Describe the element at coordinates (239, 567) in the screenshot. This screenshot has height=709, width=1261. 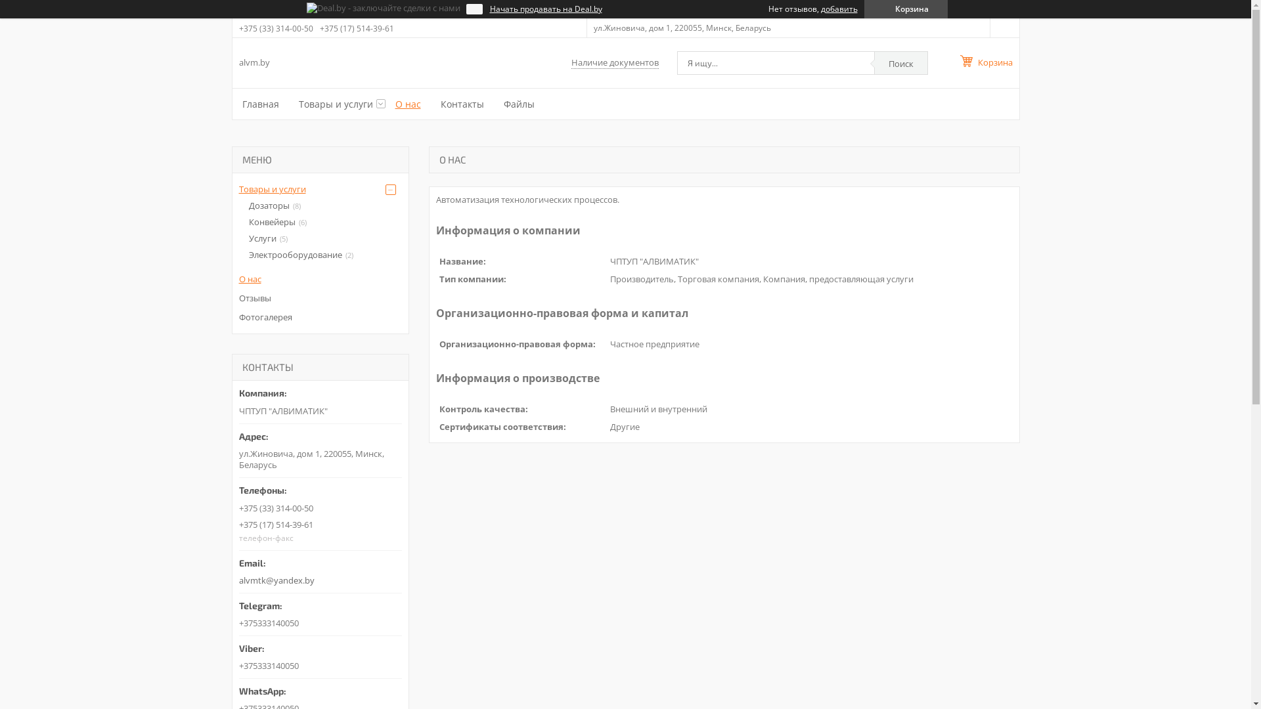
I see `'alvmtk@yandex.by'` at that location.